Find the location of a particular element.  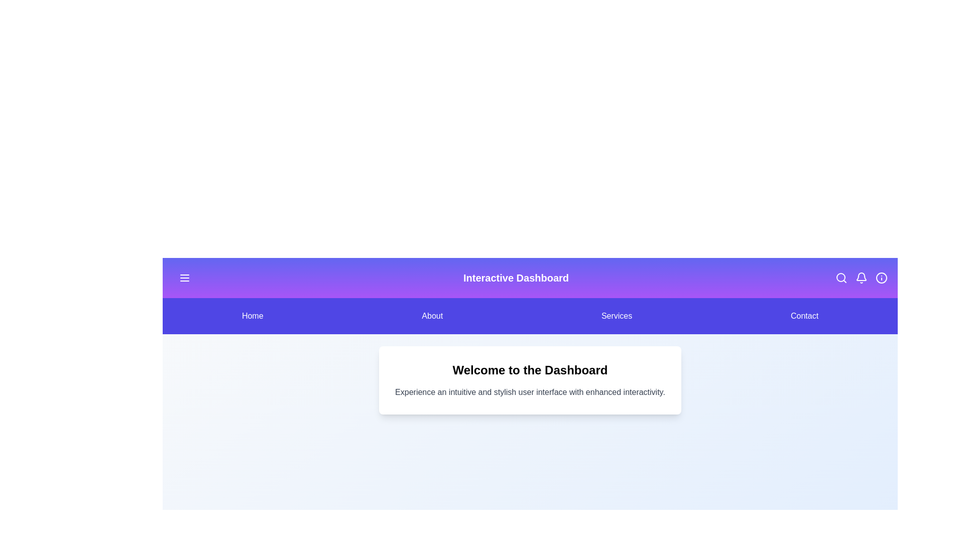

the menu item Contact to navigate to the corresponding section is located at coordinates (805, 315).